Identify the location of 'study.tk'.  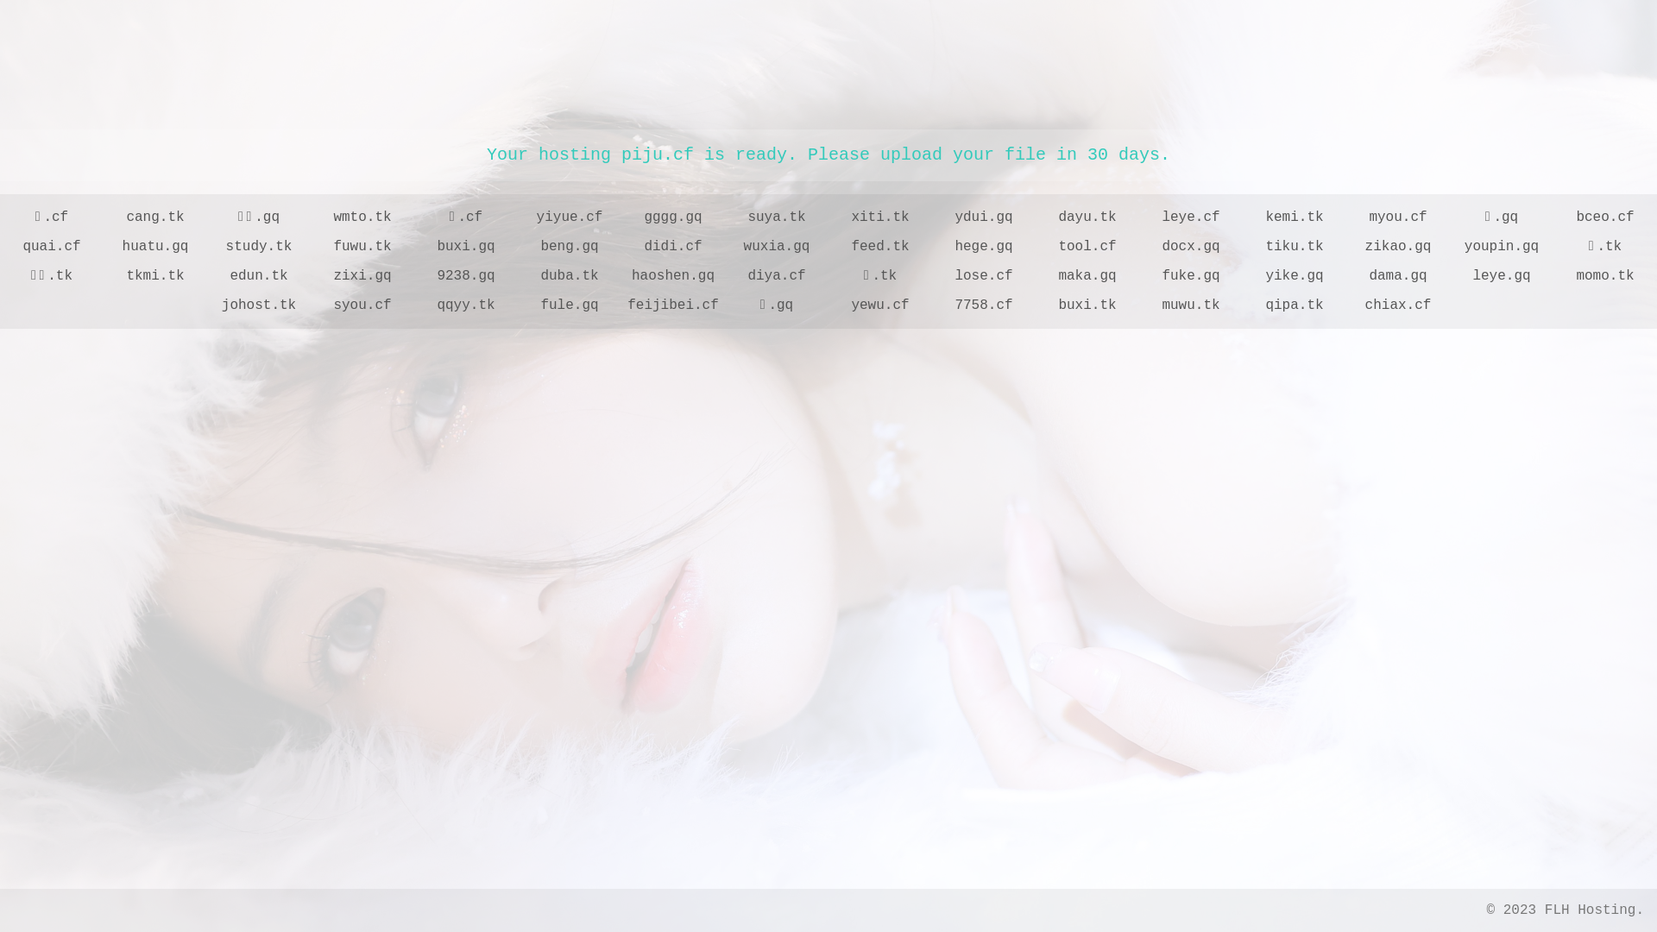
(257, 246).